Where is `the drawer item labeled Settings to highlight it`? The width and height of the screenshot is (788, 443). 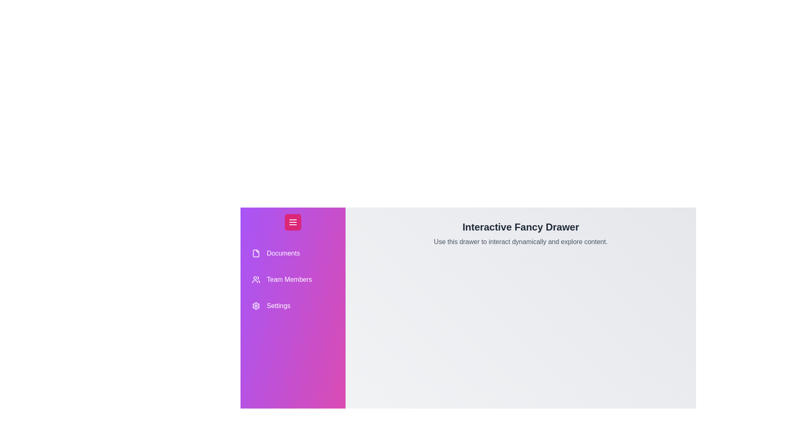 the drawer item labeled Settings to highlight it is located at coordinates (293, 306).